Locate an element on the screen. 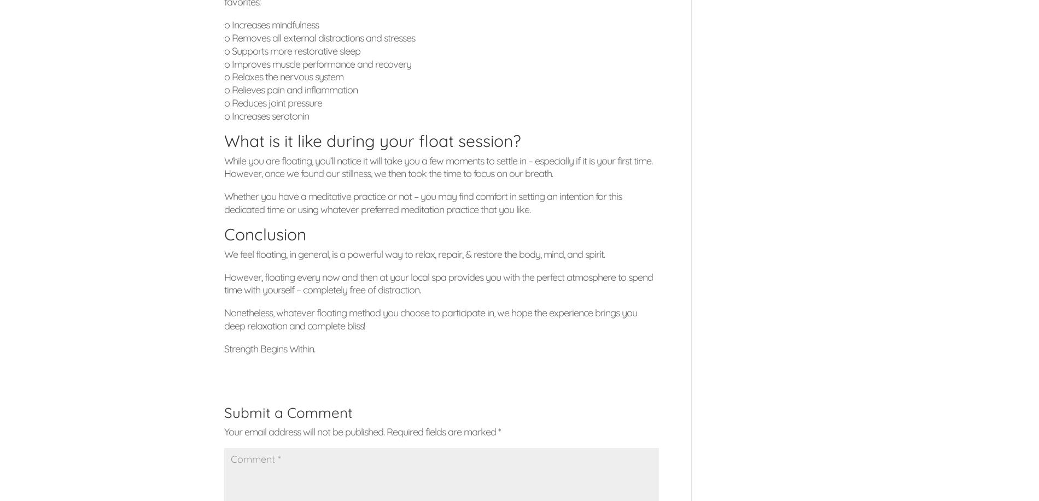 The height and width of the screenshot is (501, 1039). 'While you are floating, you’ll notice it will take you a few moments to settle in – especially if it is your first time. However, once we found our stillness, we then took the time to focus on our breath.' is located at coordinates (437, 167).